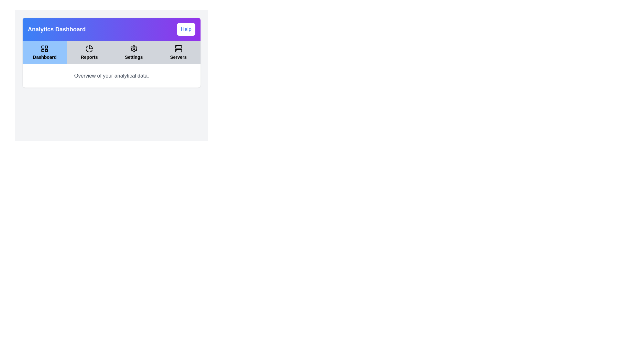  I want to click on the 'Reports' text label in the navigation bar, so click(89, 57).